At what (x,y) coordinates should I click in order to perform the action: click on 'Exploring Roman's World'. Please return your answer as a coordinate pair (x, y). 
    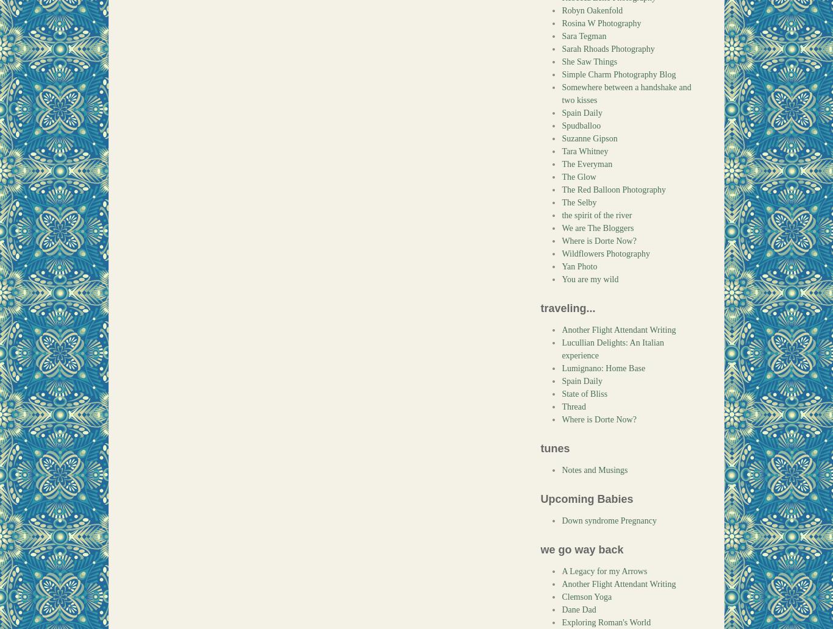
    Looking at the image, I should click on (606, 622).